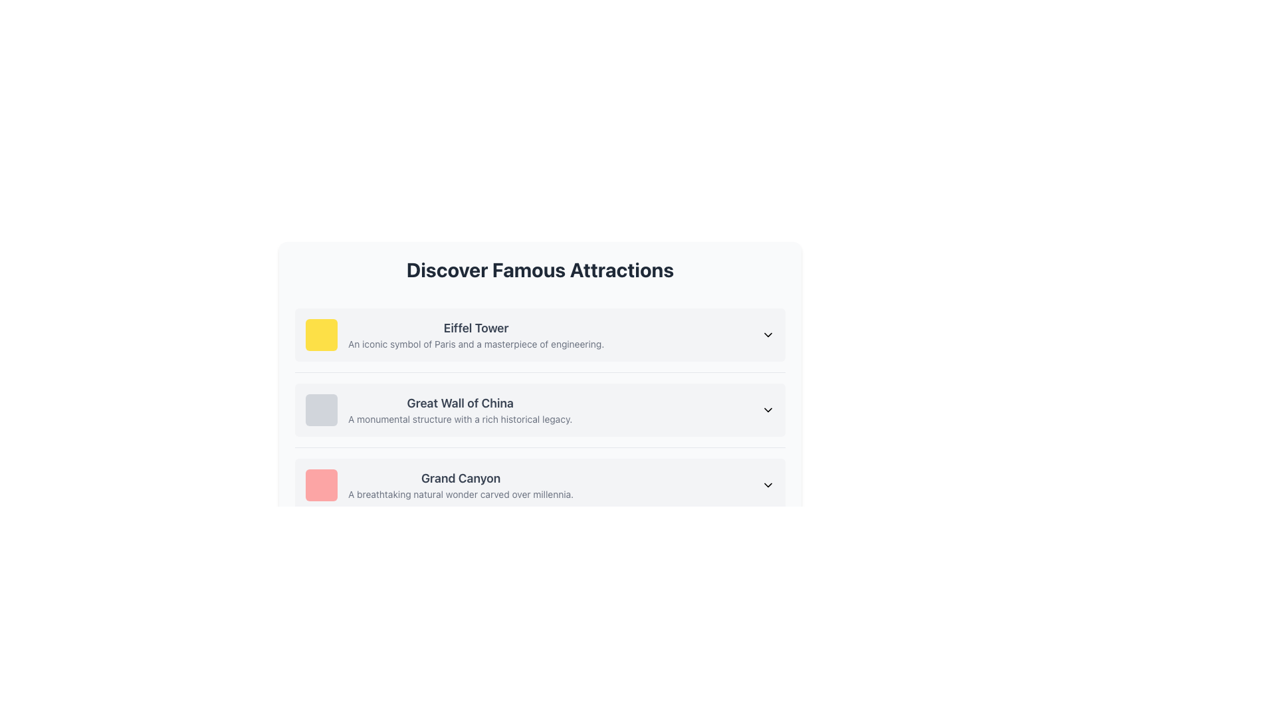  I want to click on on the Interactive Card for 'Grand Canyon' located third in the list under 'Discover Famous Attractions', so click(540, 485).